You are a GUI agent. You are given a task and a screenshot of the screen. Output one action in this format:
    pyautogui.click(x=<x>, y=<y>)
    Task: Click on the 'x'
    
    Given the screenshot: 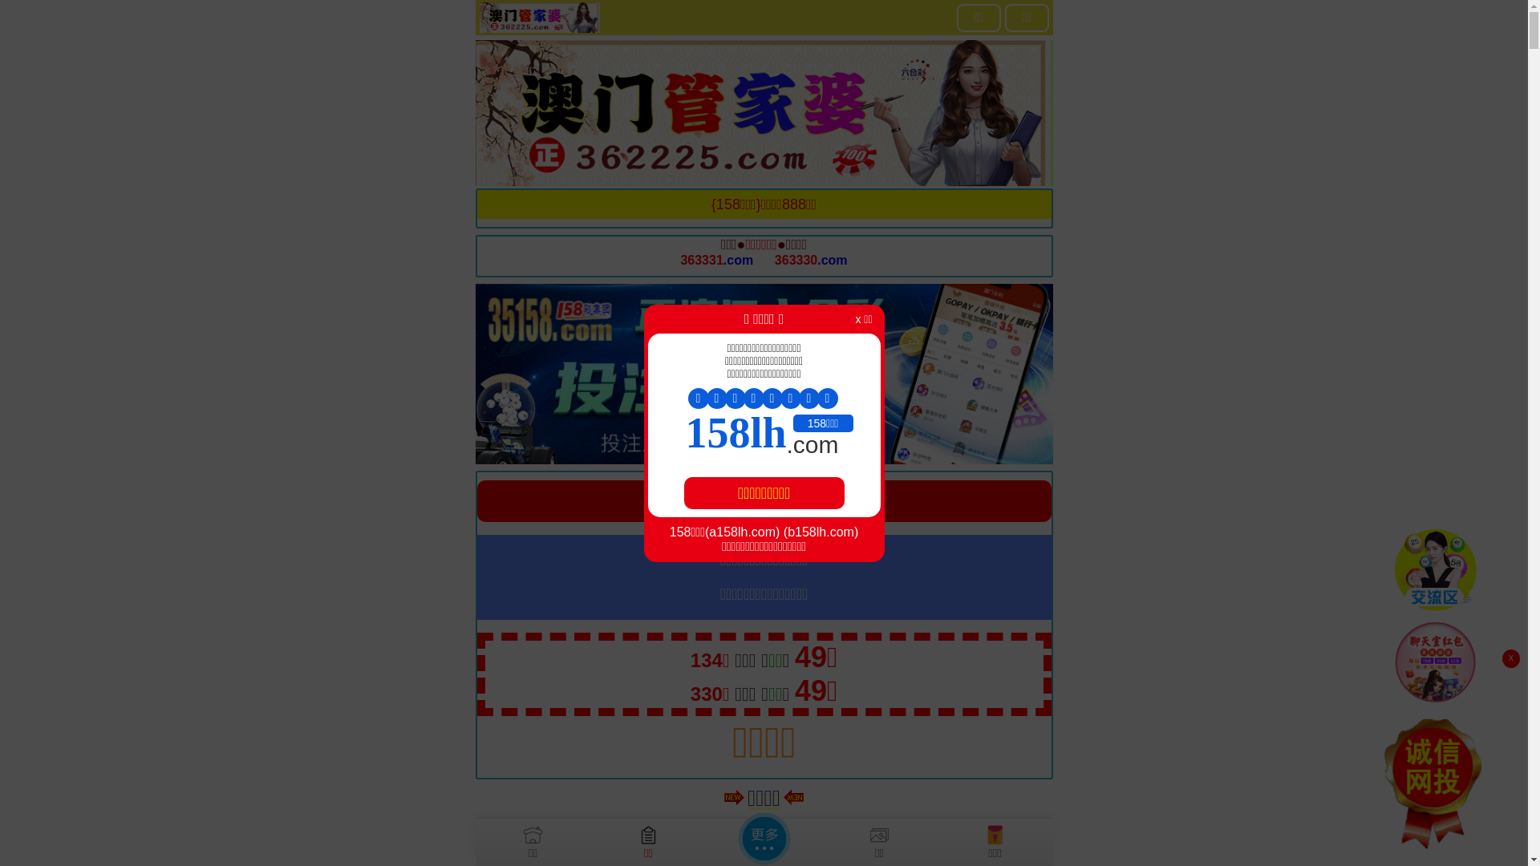 What is the action you would take?
    pyautogui.click(x=1510, y=658)
    